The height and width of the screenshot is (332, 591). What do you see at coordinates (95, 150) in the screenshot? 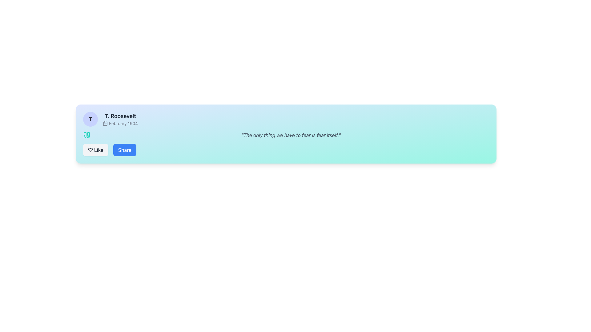
I see `the 'like' button located at the bottom-left section of the card-like component` at bounding box center [95, 150].